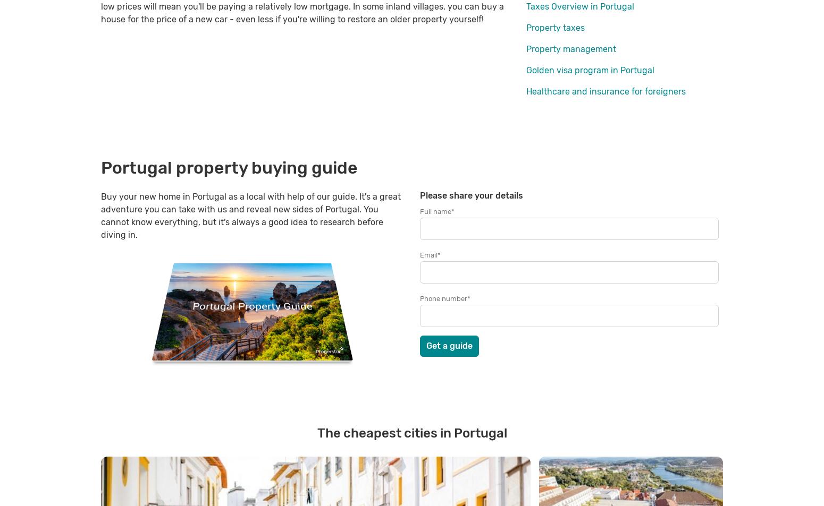  I want to click on 'Please share your details', so click(472, 195).